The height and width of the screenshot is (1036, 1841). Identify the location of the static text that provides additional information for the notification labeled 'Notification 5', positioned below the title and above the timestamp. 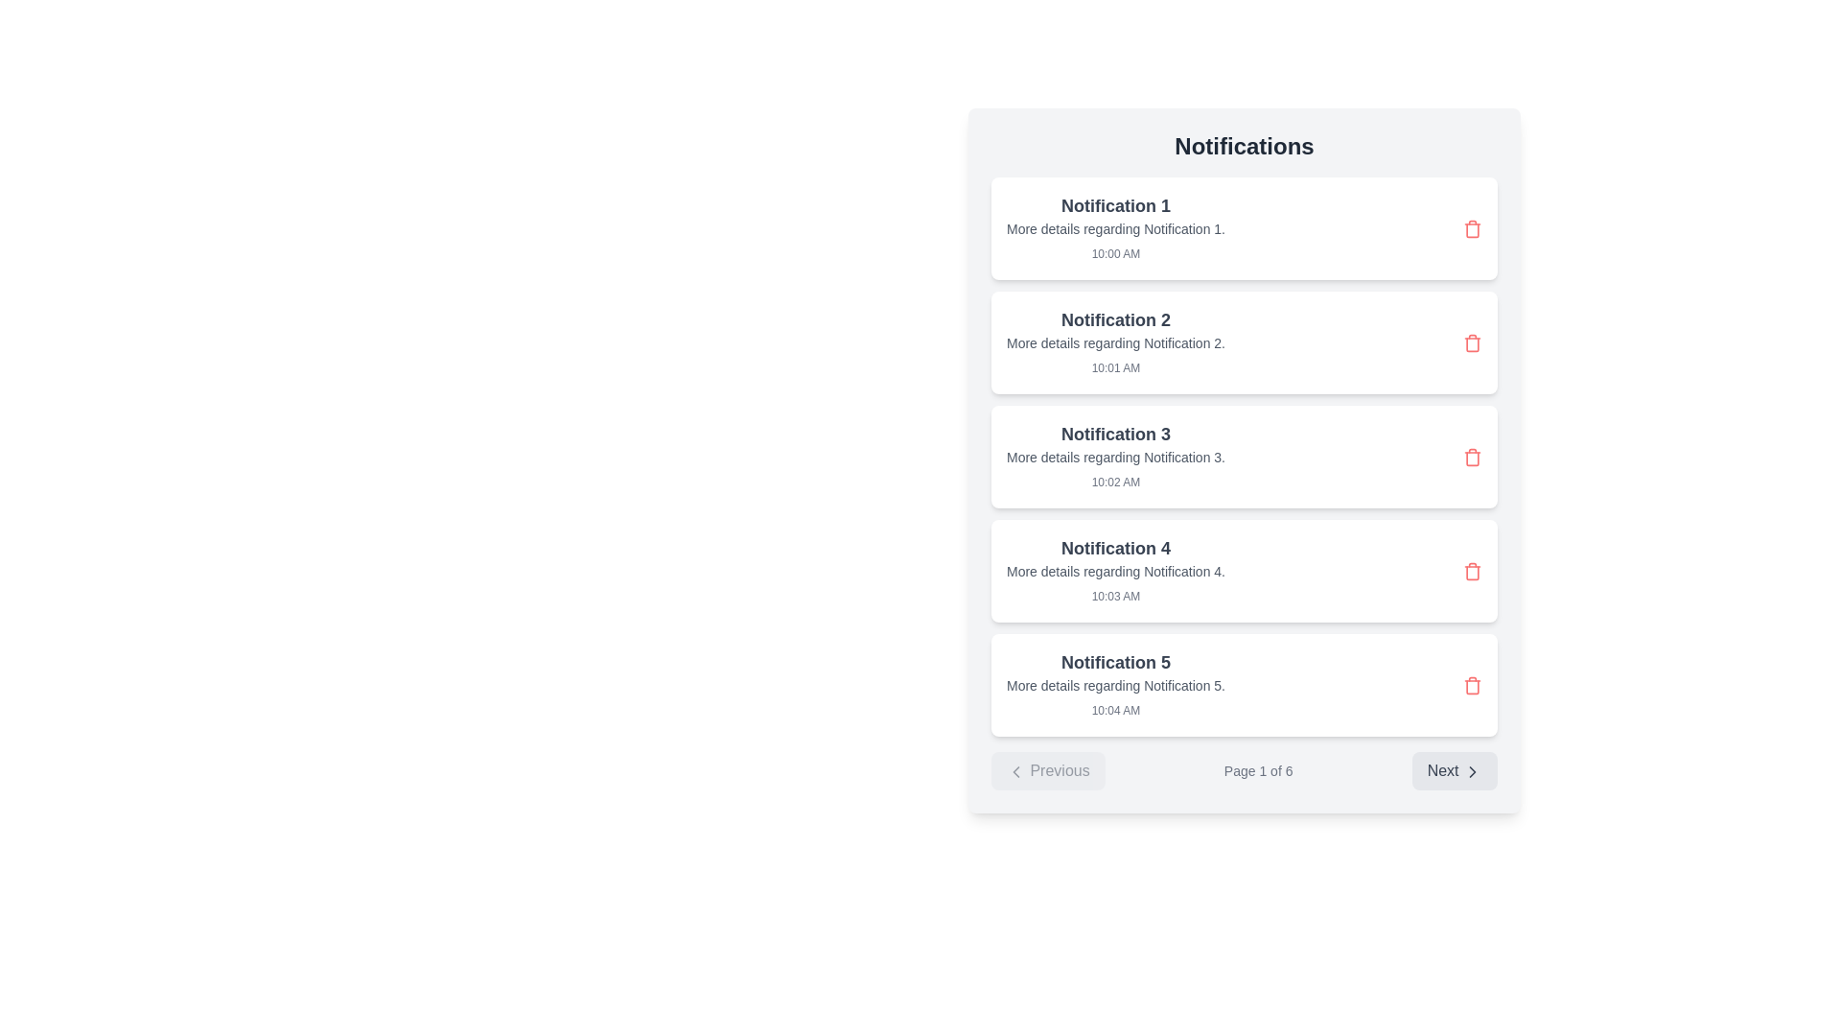
(1116, 684).